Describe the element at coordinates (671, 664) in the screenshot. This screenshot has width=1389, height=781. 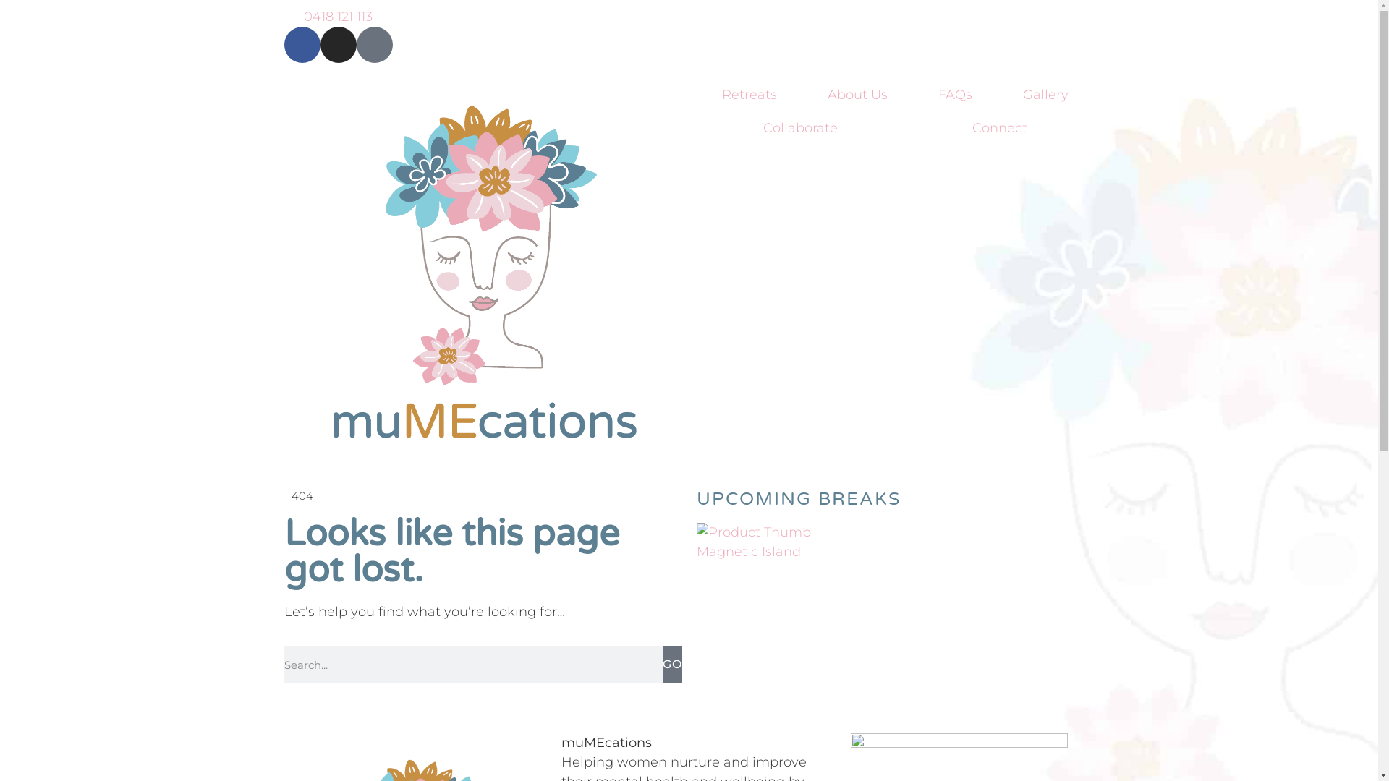
I see `'GO'` at that location.